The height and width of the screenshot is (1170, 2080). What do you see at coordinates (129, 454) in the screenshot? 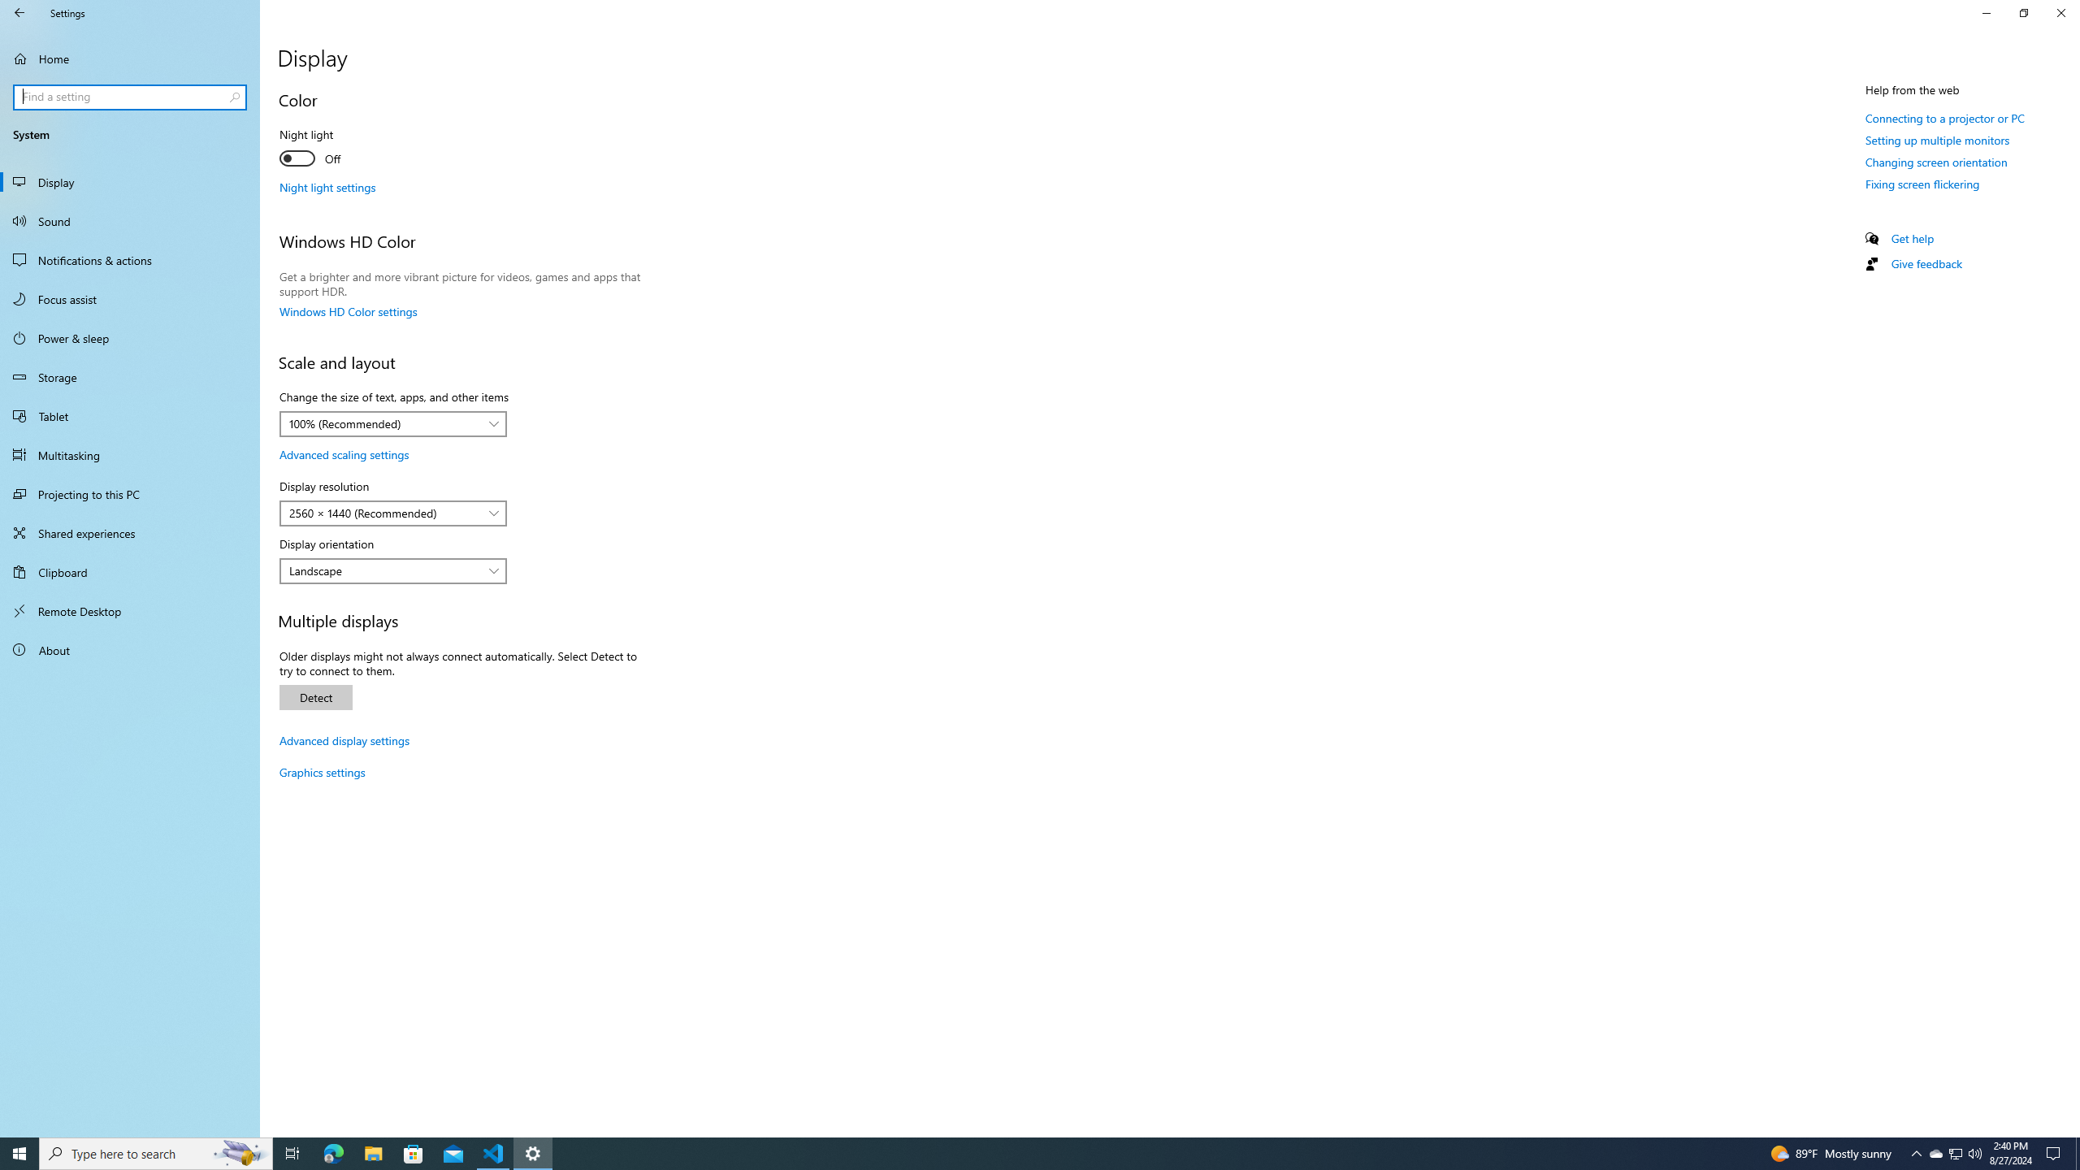
I see `'Multitasking'` at bounding box center [129, 454].